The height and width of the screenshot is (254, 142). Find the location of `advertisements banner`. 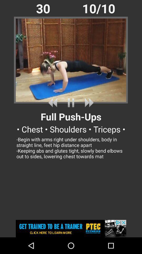

advertisements banner is located at coordinates (71, 228).